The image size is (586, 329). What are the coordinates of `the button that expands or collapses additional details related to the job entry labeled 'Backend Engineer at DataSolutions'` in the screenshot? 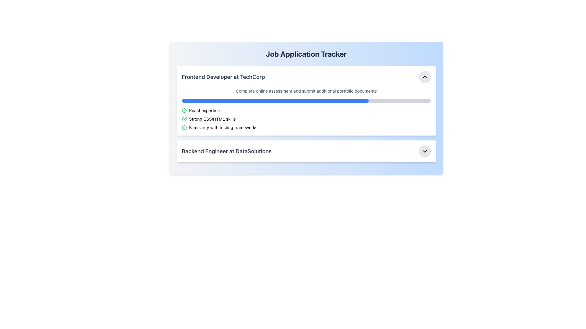 It's located at (424, 151).